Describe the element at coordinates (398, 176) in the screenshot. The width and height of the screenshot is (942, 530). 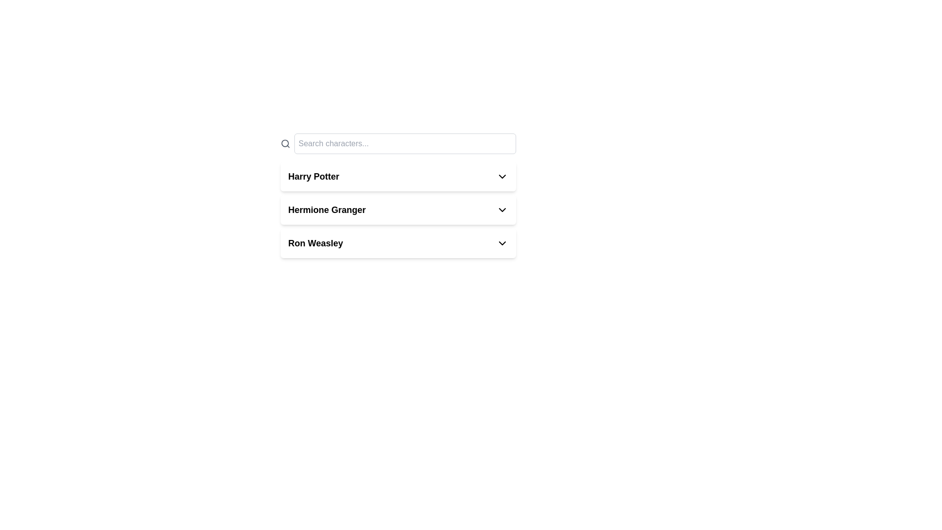
I see `the 'Harry Potter' dropdown option` at that location.